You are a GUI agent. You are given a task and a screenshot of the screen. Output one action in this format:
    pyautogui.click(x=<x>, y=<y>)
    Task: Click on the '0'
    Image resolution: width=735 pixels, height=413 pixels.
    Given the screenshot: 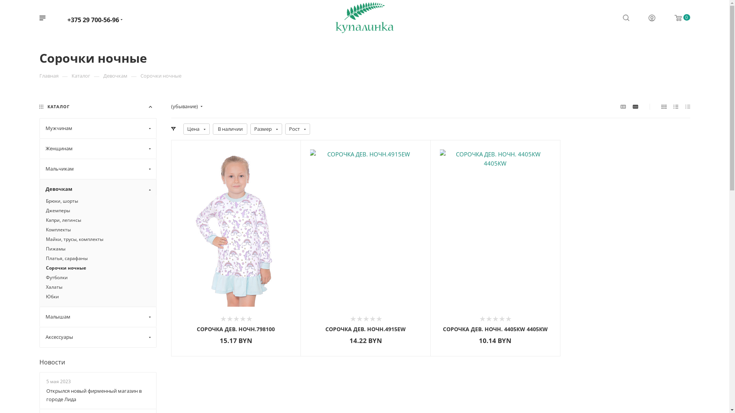 What is the action you would take?
    pyautogui.click(x=676, y=18)
    